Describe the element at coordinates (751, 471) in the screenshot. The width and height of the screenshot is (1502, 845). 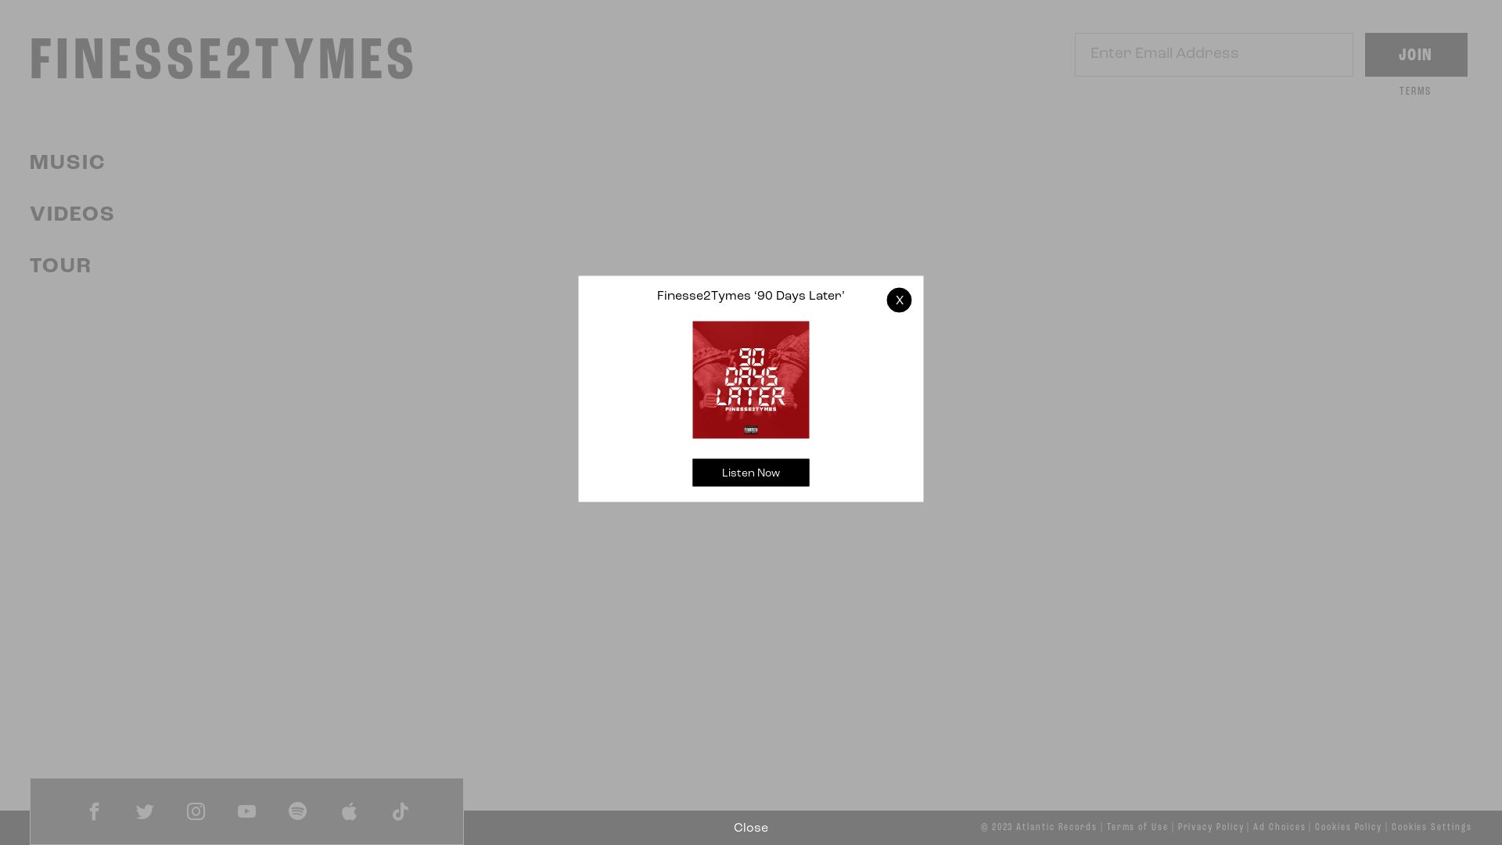
I see `'Listen Now'` at that location.